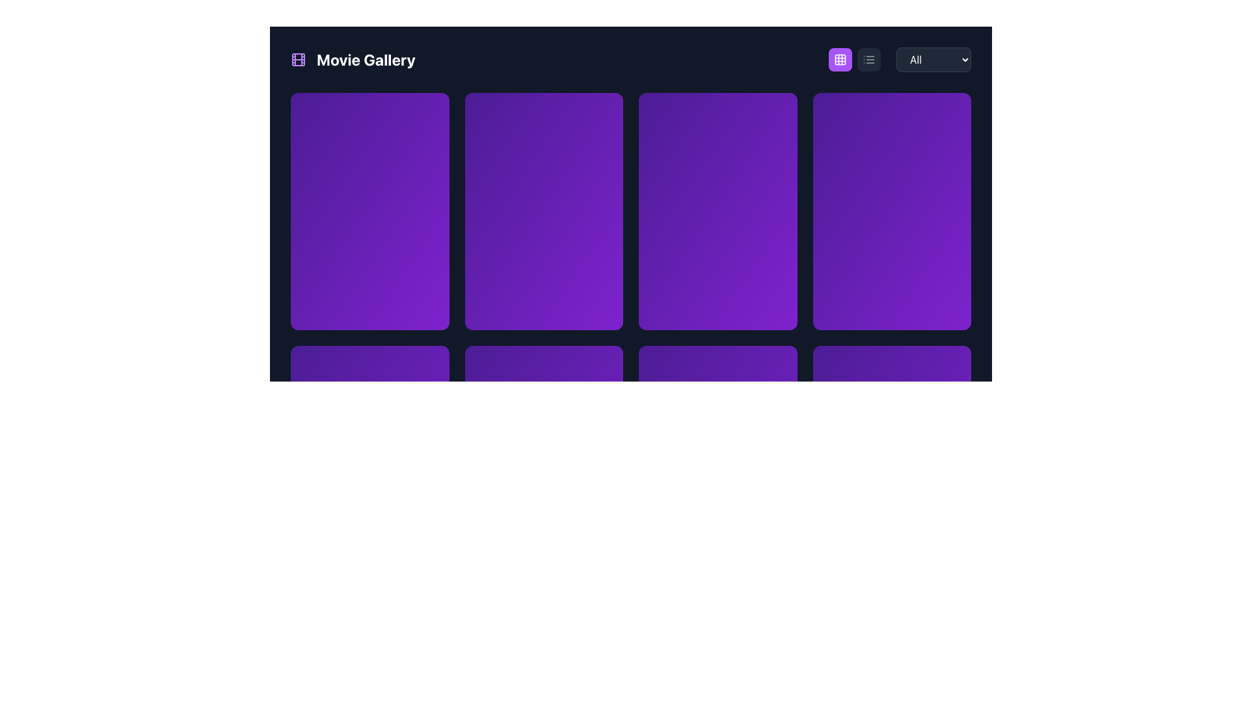 The width and height of the screenshot is (1249, 702). Describe the element at coordinates (776, 112) in the screenshot. I see `the 'like' or 'favorite' button located in the top-right corner of the movie gallery card to observe its visual effect indicating interactivity` at that location.